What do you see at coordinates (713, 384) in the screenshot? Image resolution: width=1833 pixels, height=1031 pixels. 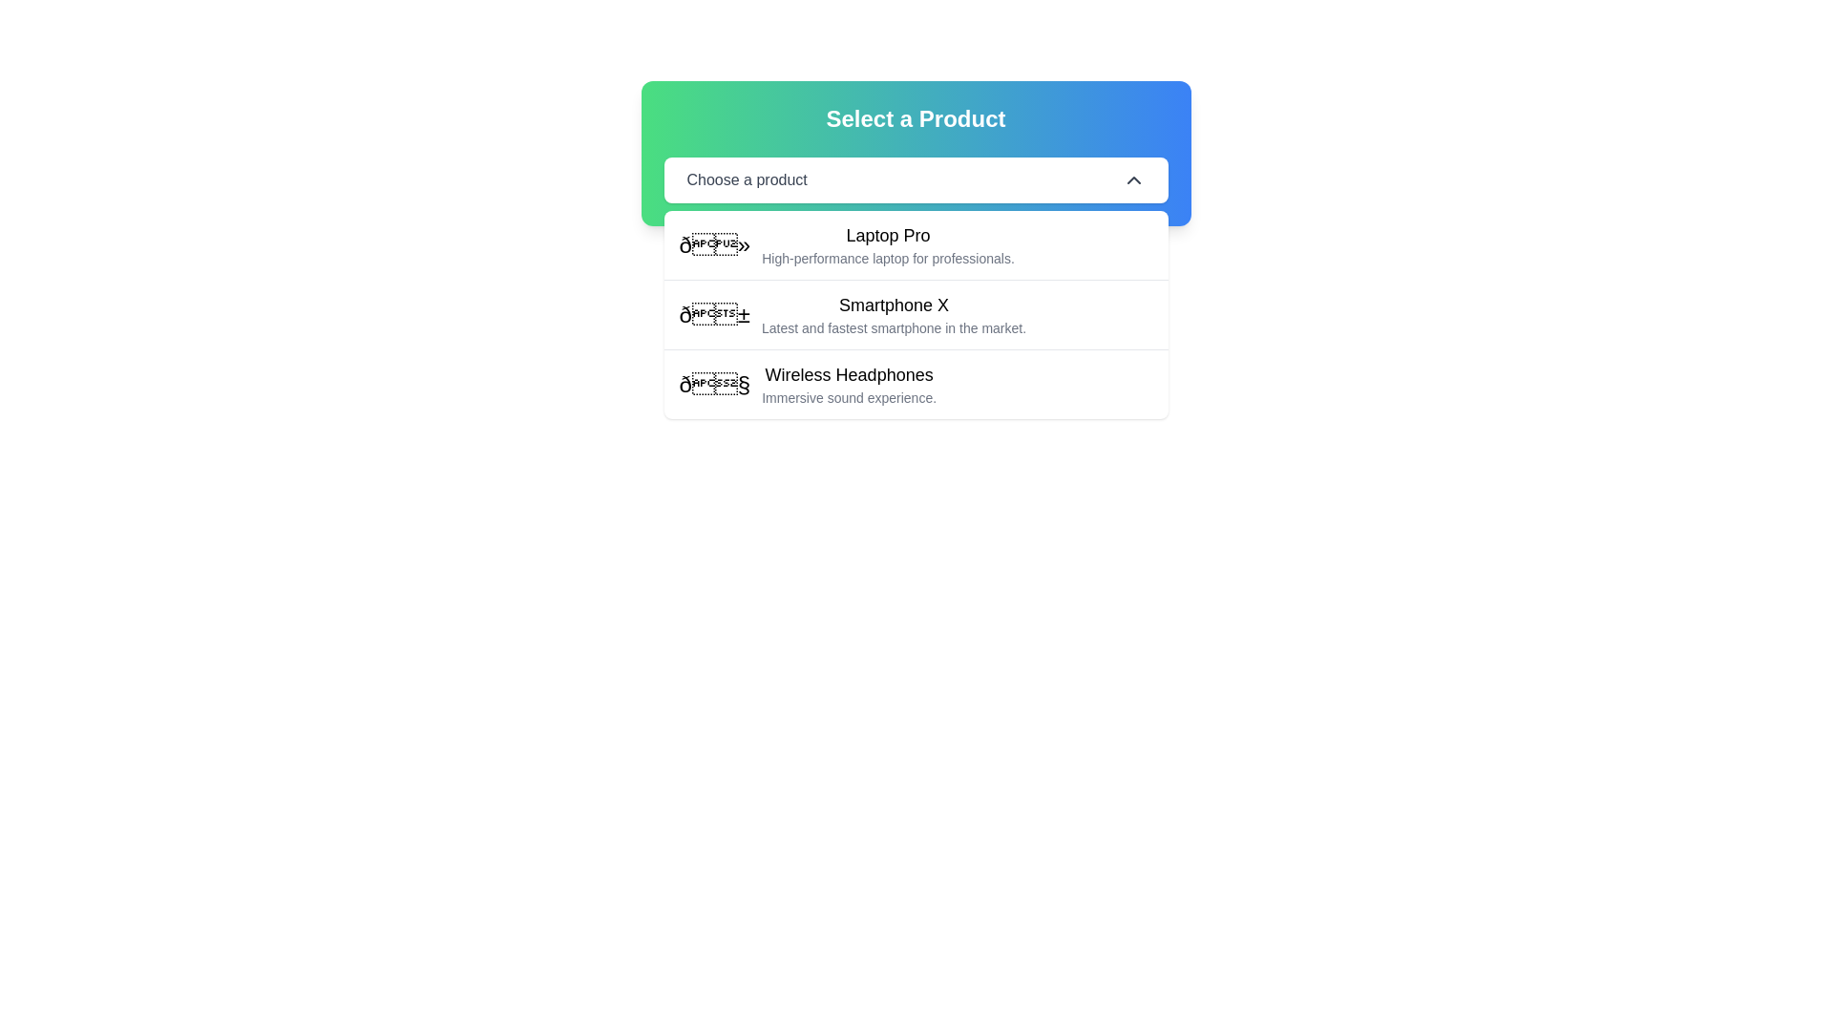 I see `the emoji icon 🎧 which is styled prominently and located at the beginning of the product description for 'Wireless Headphones'` at bounding box center [713, 384].